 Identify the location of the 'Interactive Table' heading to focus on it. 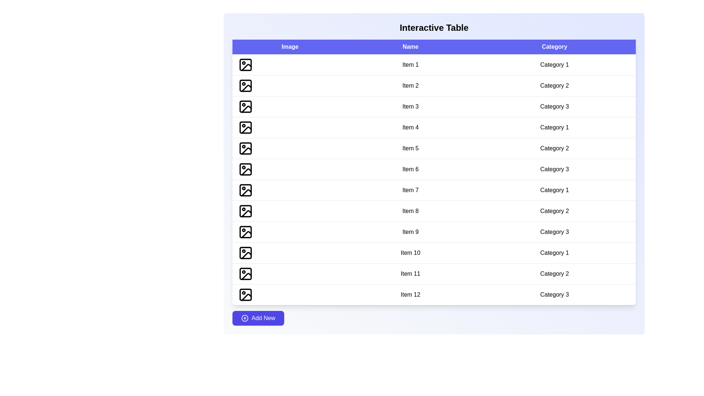
(434, 27).